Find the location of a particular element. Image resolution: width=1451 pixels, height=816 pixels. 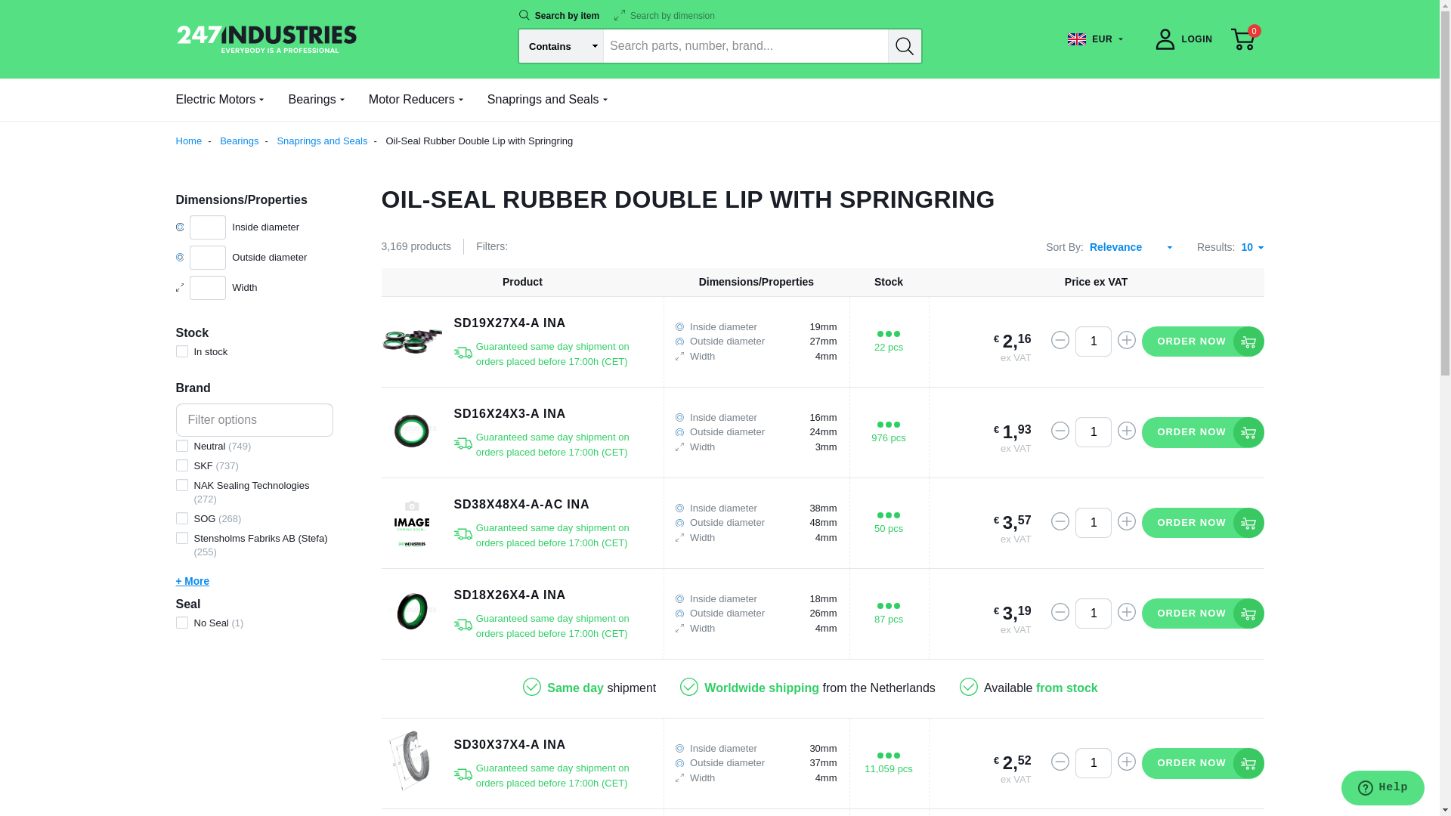

'Home' is located at coordinates (195, 141).